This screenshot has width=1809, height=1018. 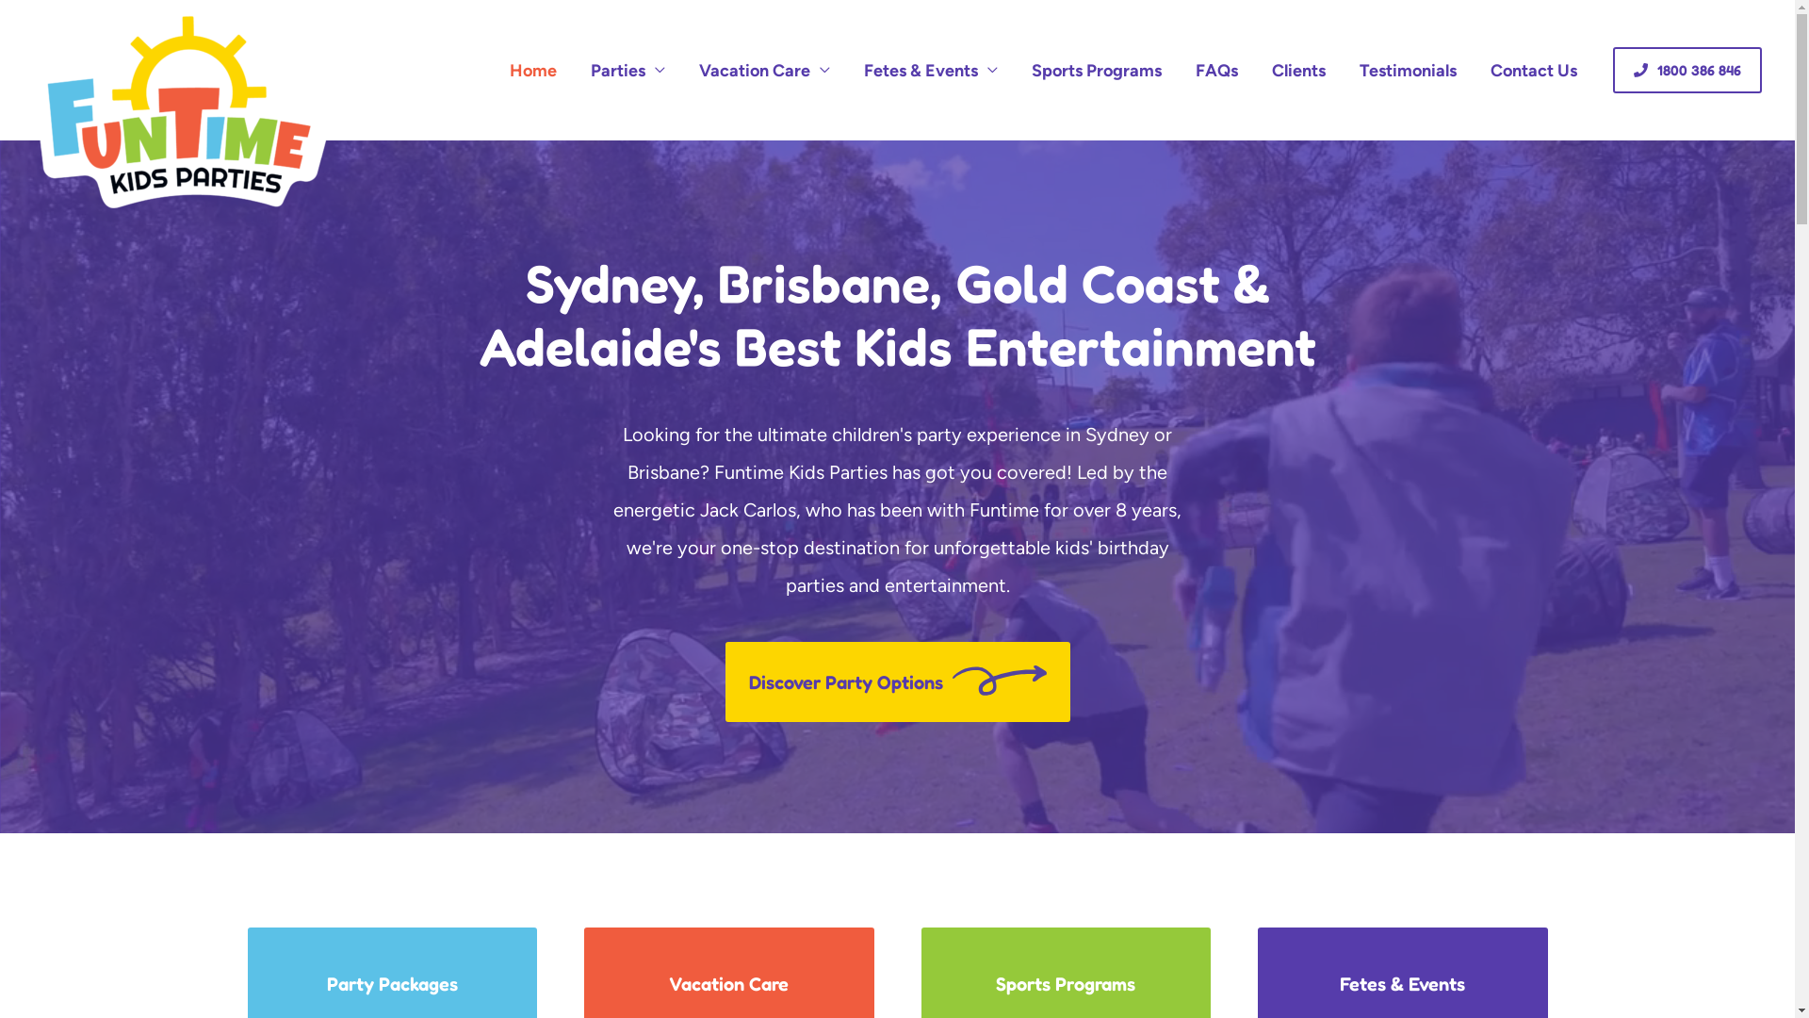 What do you see at coordinates (1297, 69) in the screenshot?
I see `'Clients'` at bounding box center [1297, 69].